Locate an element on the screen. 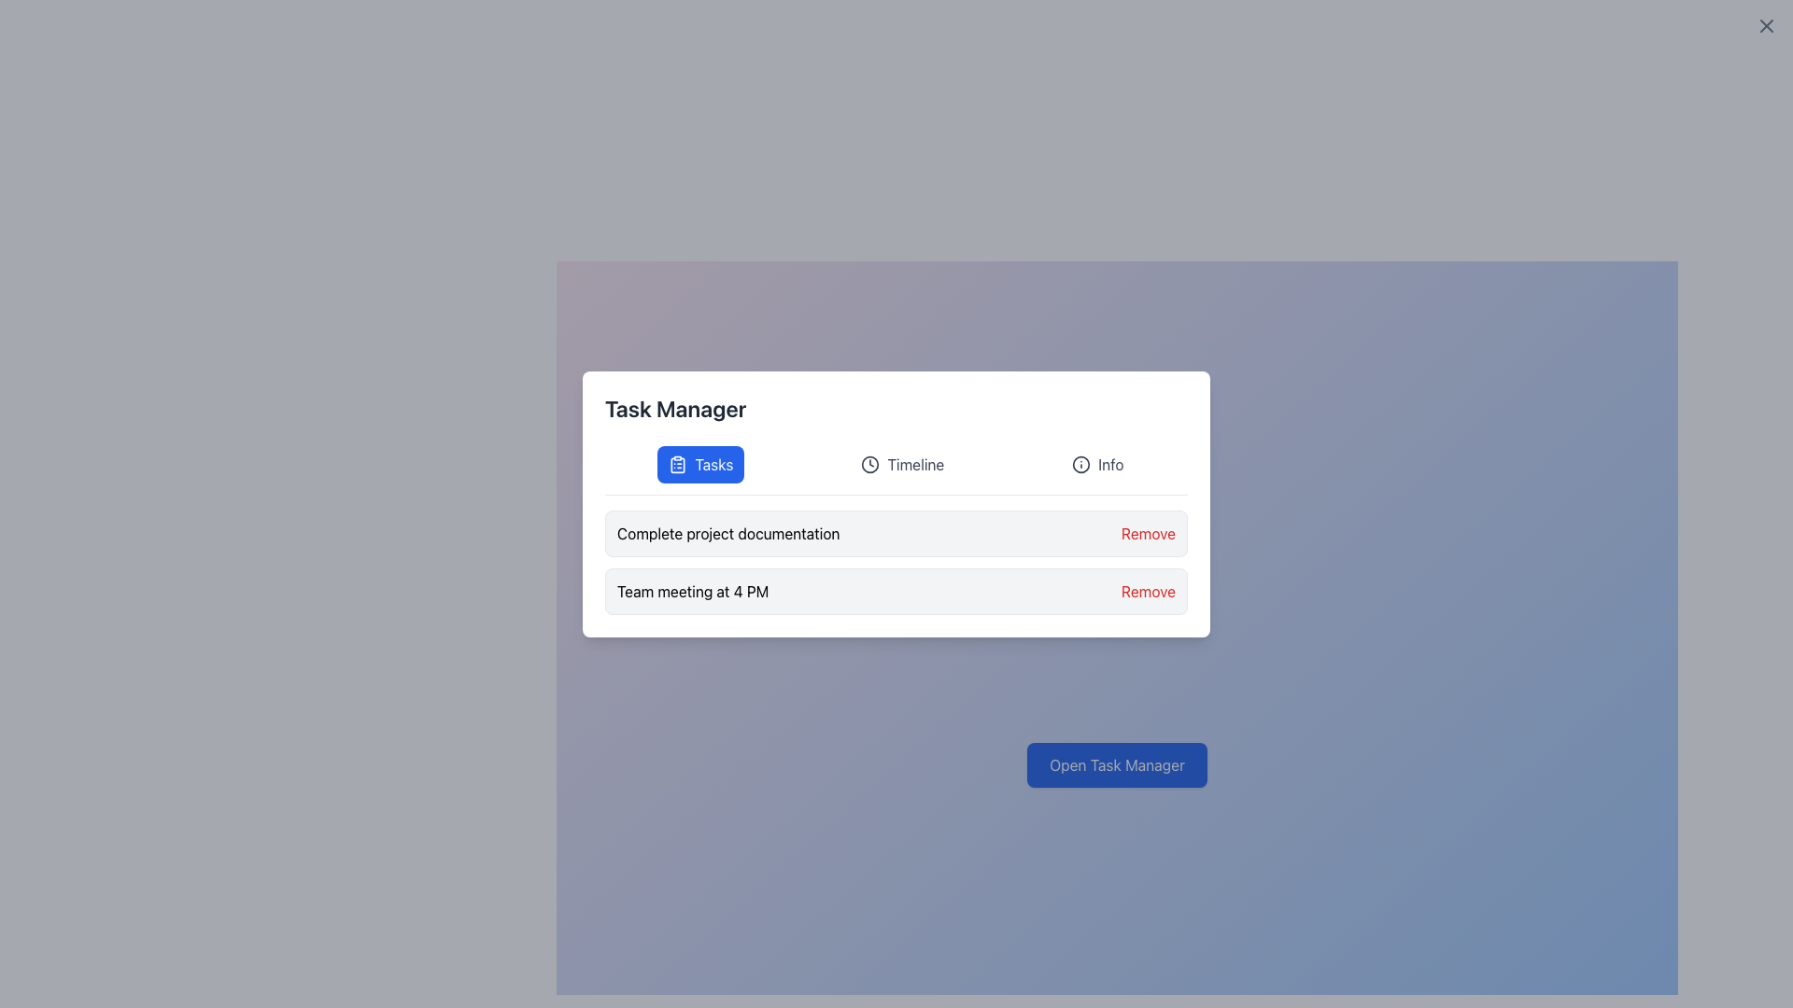  the 'Timeline' label, which is styled in a sleek sans-serif font and located in the center of the interface is located at coordinates (915, 463).